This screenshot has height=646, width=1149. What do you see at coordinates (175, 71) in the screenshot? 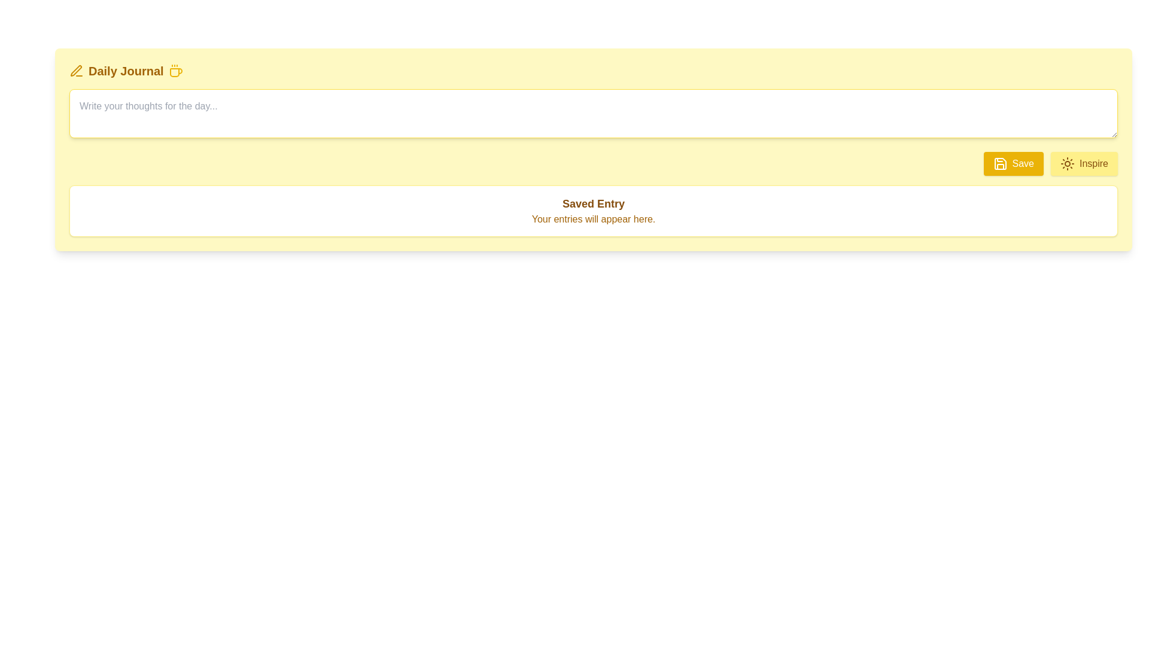
I see `the Daily Journal icon located in the top-right section of the header bar, adjacent to the text 'Daily Journal'` at bounding box center [175, 71].